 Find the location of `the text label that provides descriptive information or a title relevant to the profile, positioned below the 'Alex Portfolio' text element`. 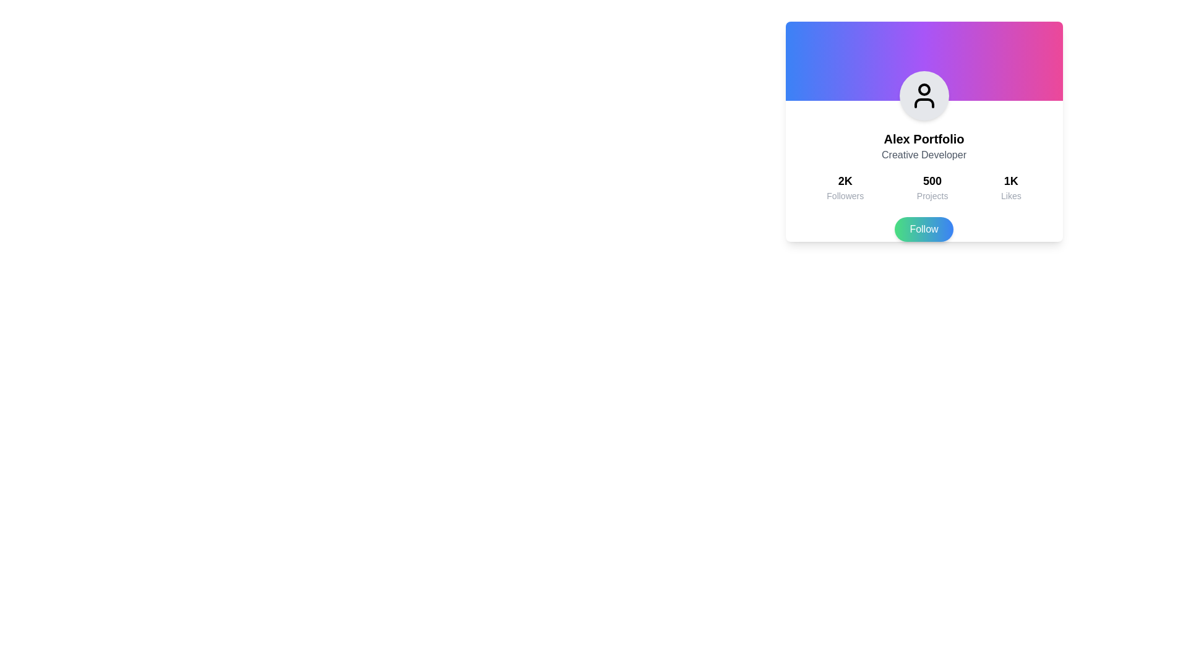

the text label that provides descriptive information or a title relevant to the profile, positioned below the 'Alex Portfolio' text element is located at coordinates (924, 154).